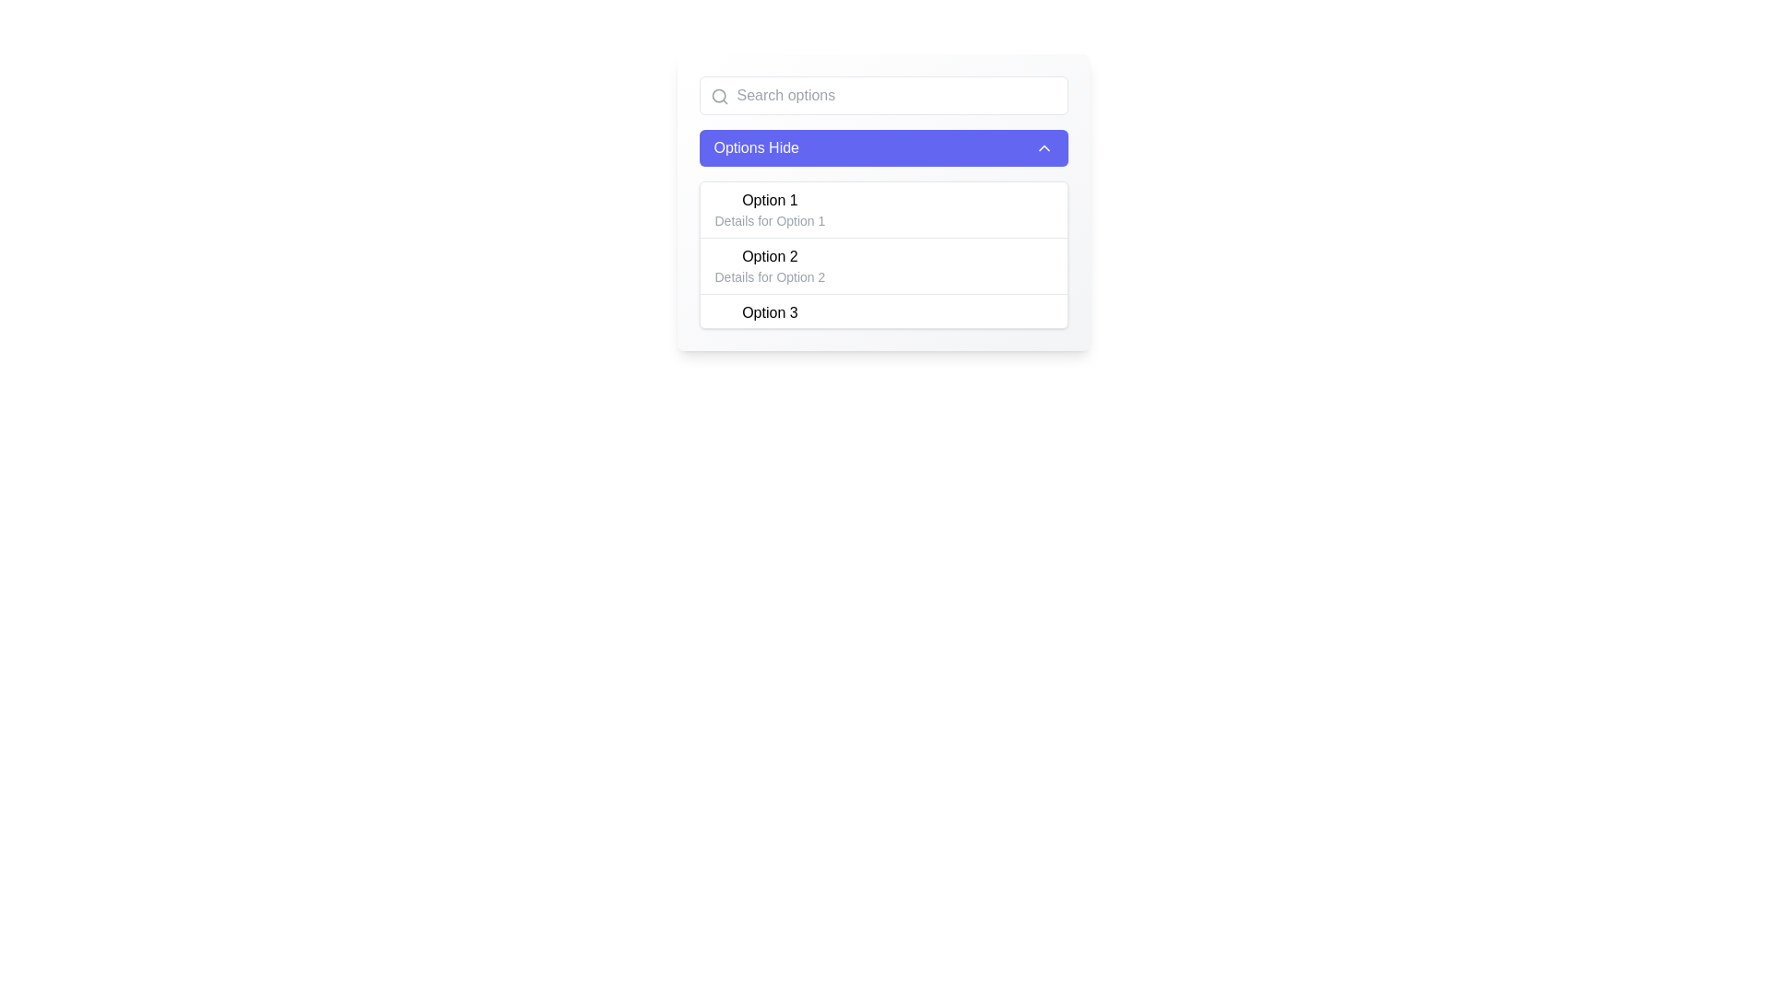 The image size is (1770, 995). What do you see at coordinates (770, 266) in the screenshot?
I see `the 'Option 2' in the clickable list item, which is located in the second slot of the dropdown-like structure` at bounding box center [770, 266].